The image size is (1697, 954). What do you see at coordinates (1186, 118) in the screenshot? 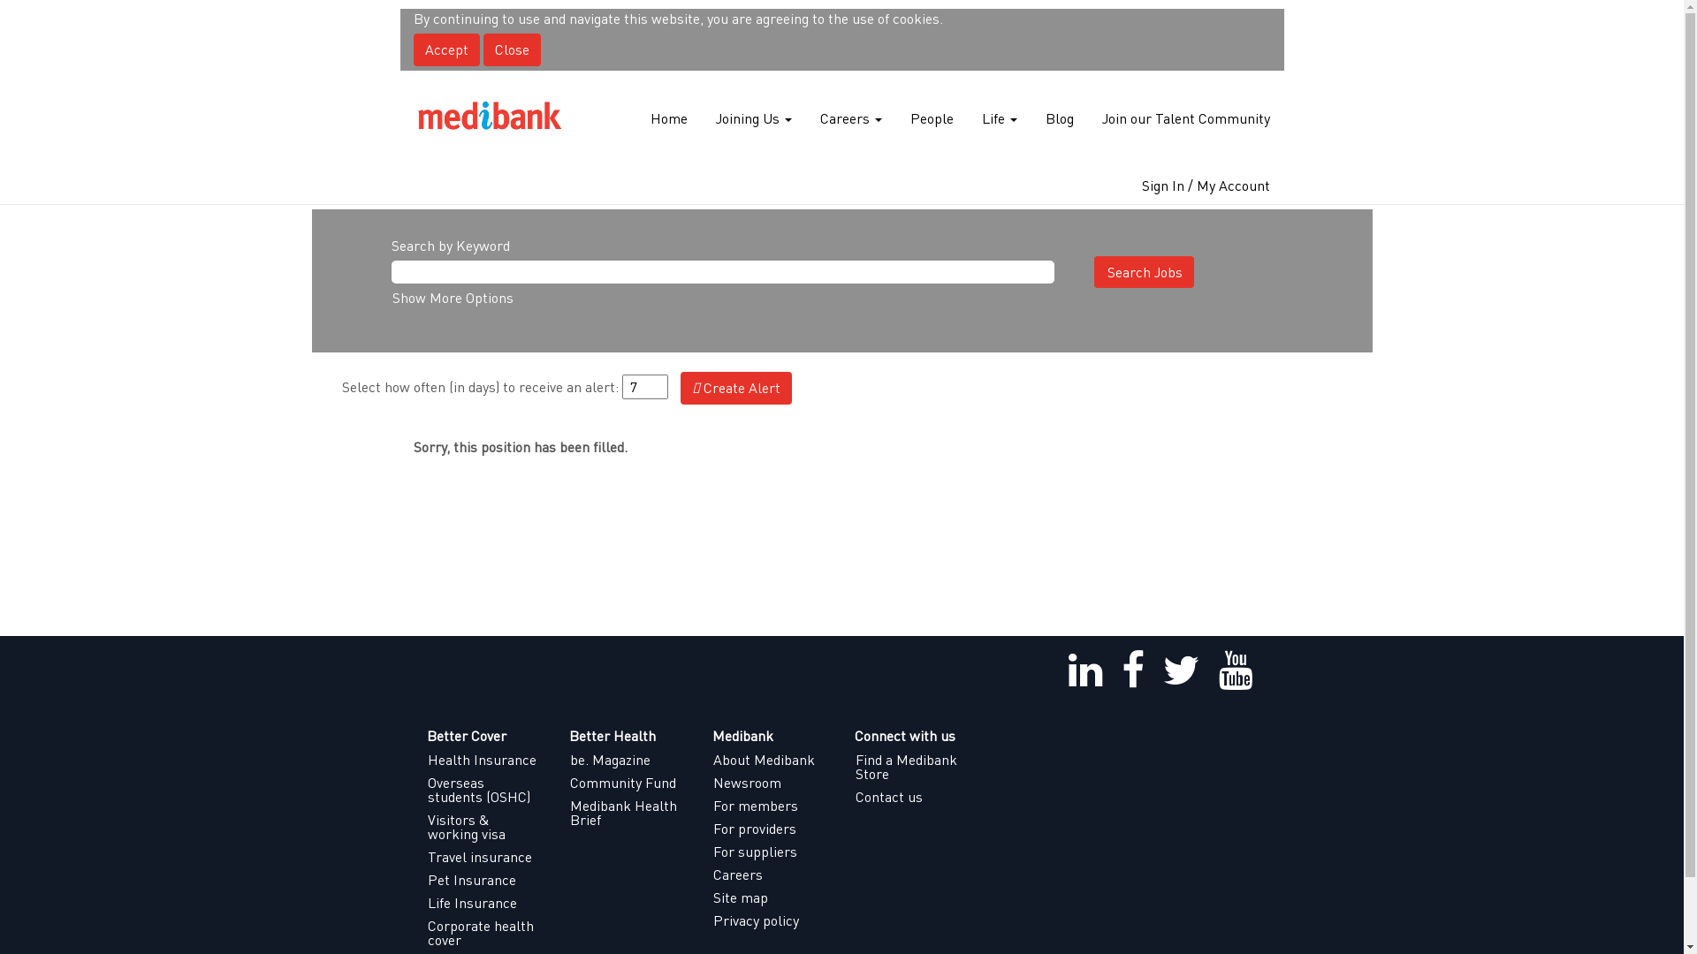
I see `'Join our Talent Community'` at bounding box center [1186, 118].